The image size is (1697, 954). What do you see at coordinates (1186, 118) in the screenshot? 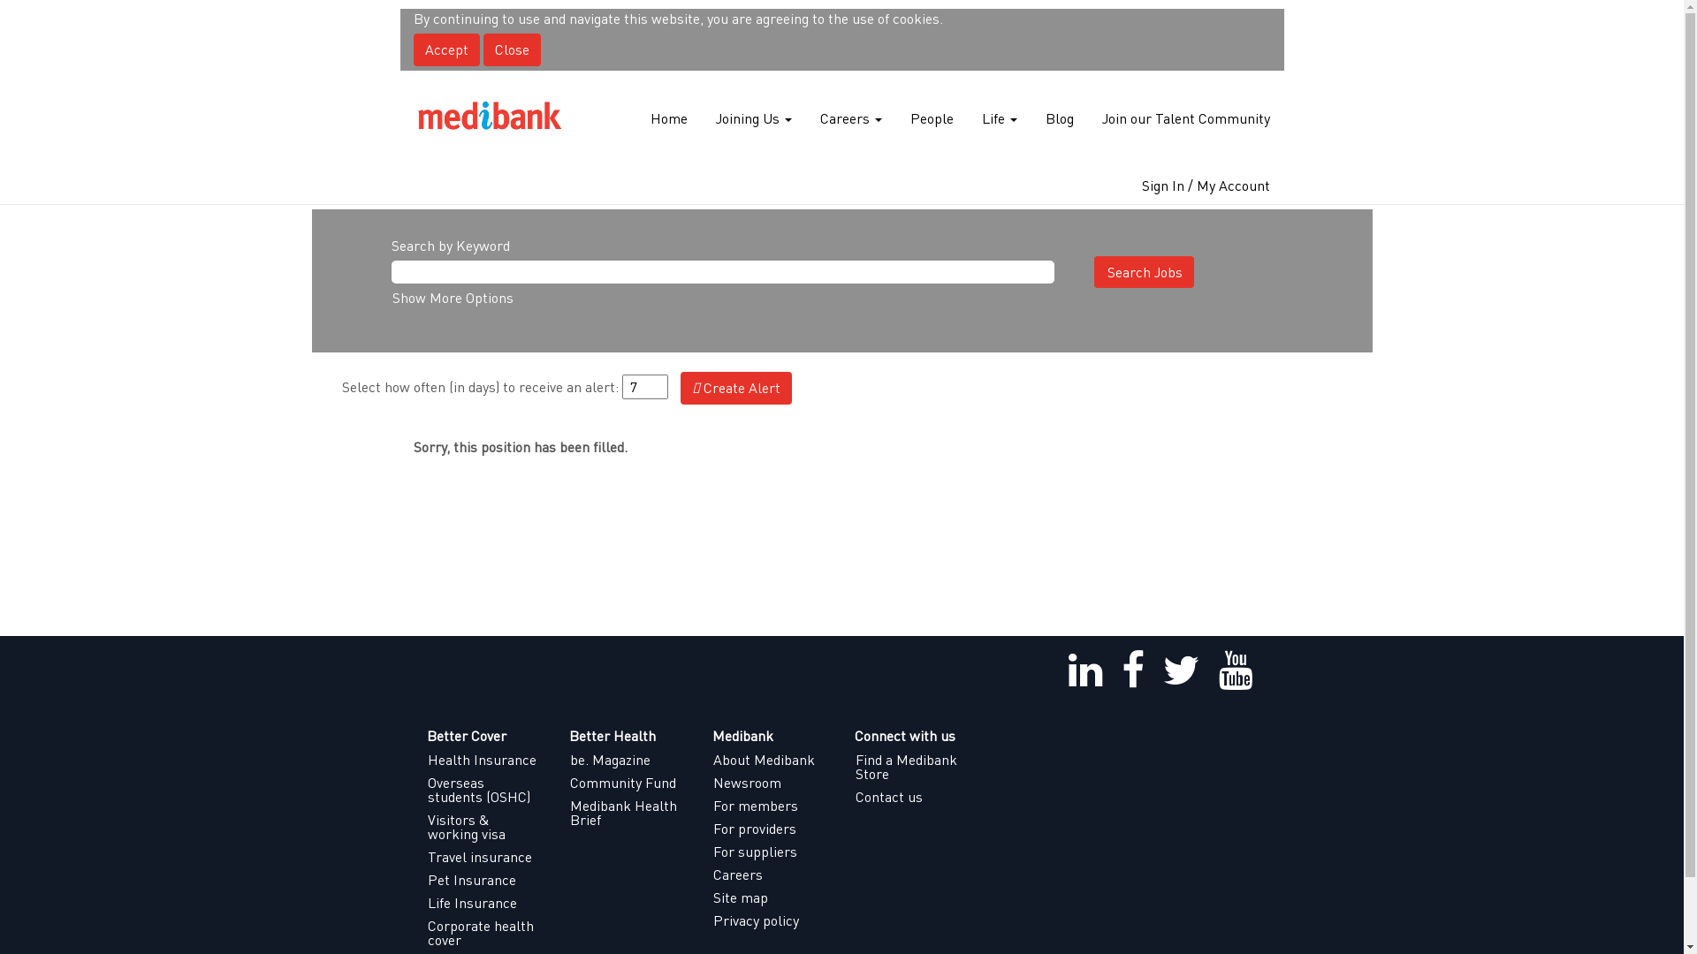
I see `'Join our Talent Community'` at bounding box center [1186, 118].